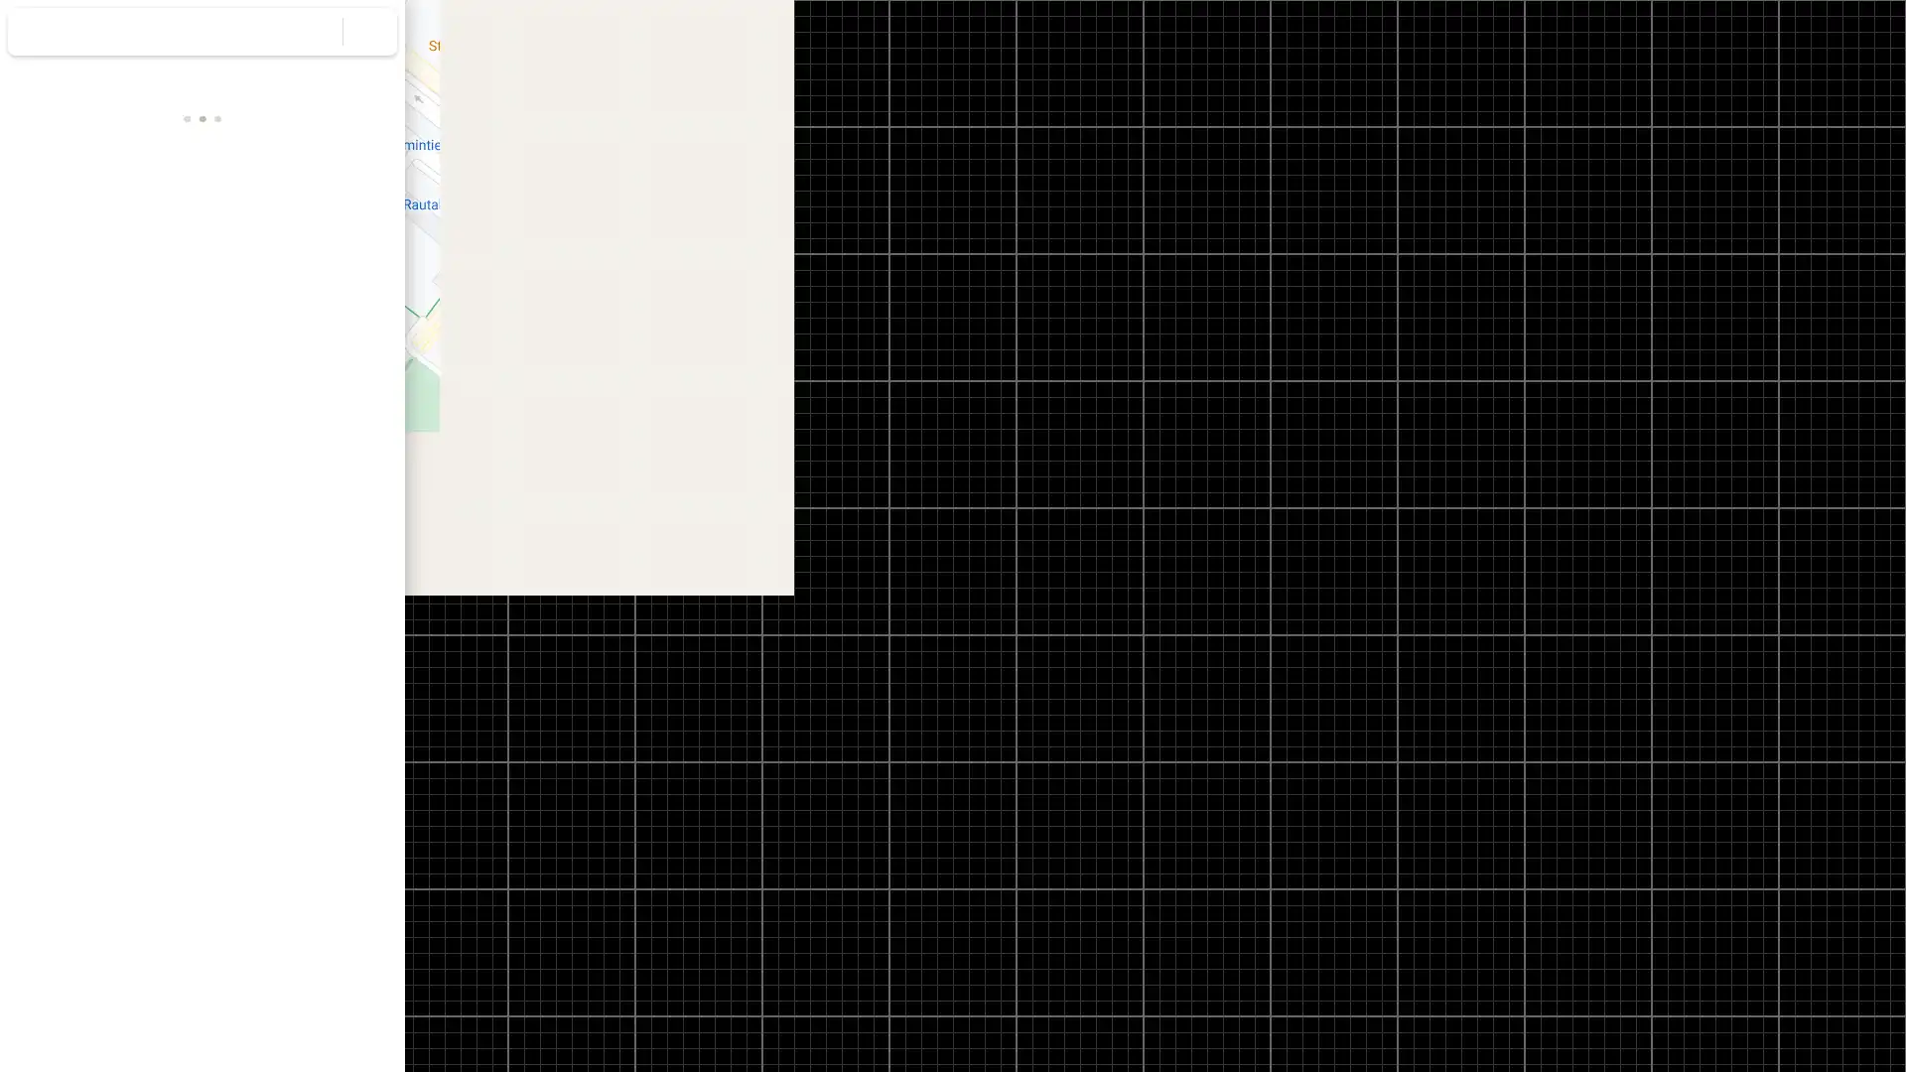 The width and height of the screenshot is (1906, 1072). I want to click on Copy address, so click(367, 434).